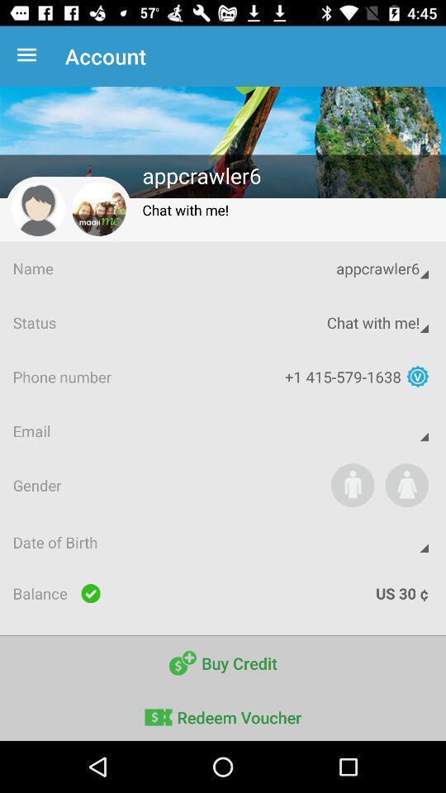 Image resolution: width=446 pixels, height=793 pixels. I want to click on gender, so click(352, 485).